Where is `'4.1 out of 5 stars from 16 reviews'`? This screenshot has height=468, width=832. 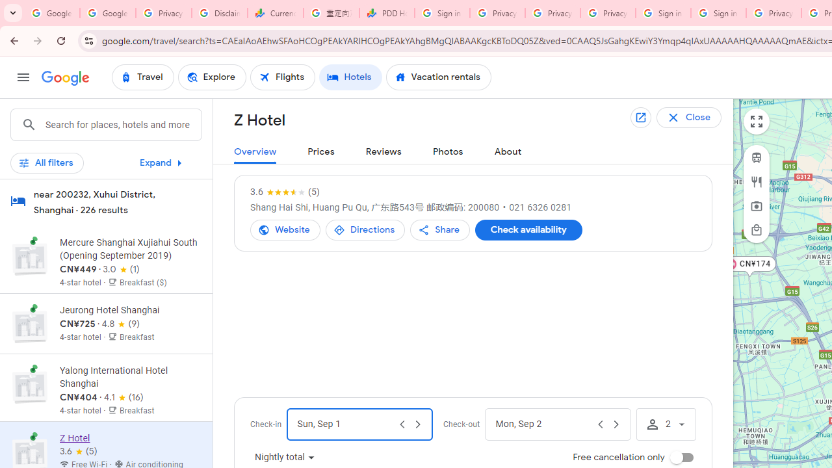 '4.1 out of 5 stars from 16 reviews' is located at coordinates (123, 397).